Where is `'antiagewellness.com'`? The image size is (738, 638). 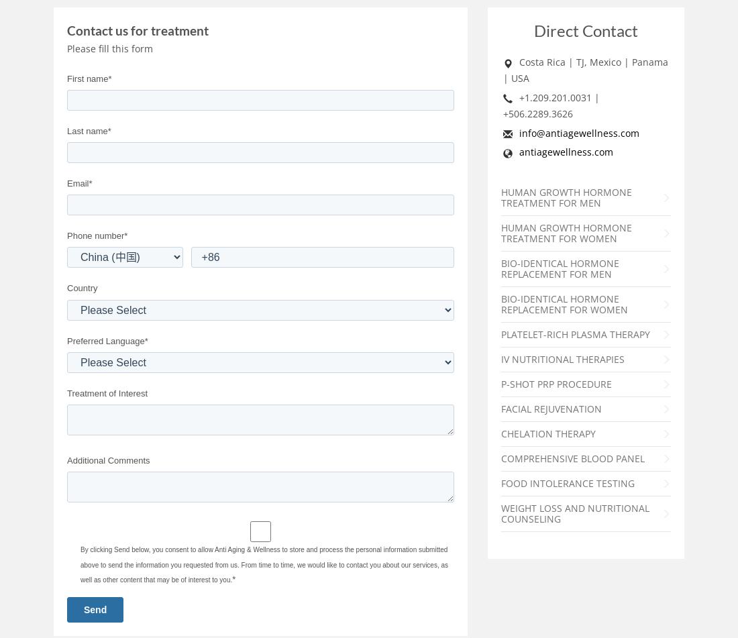 'antiagewellness.com' is located at coordinates (565, 152).